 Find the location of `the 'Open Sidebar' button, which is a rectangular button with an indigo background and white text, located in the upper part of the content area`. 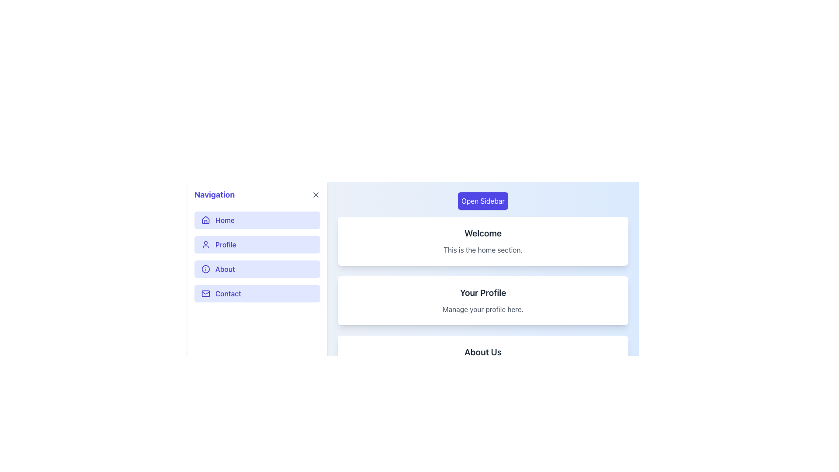

the 'Open Sidebar' button, which is a rectangular button with an indigo background and white text, located in the upper part of the content area is located at coordinates (482, 201).